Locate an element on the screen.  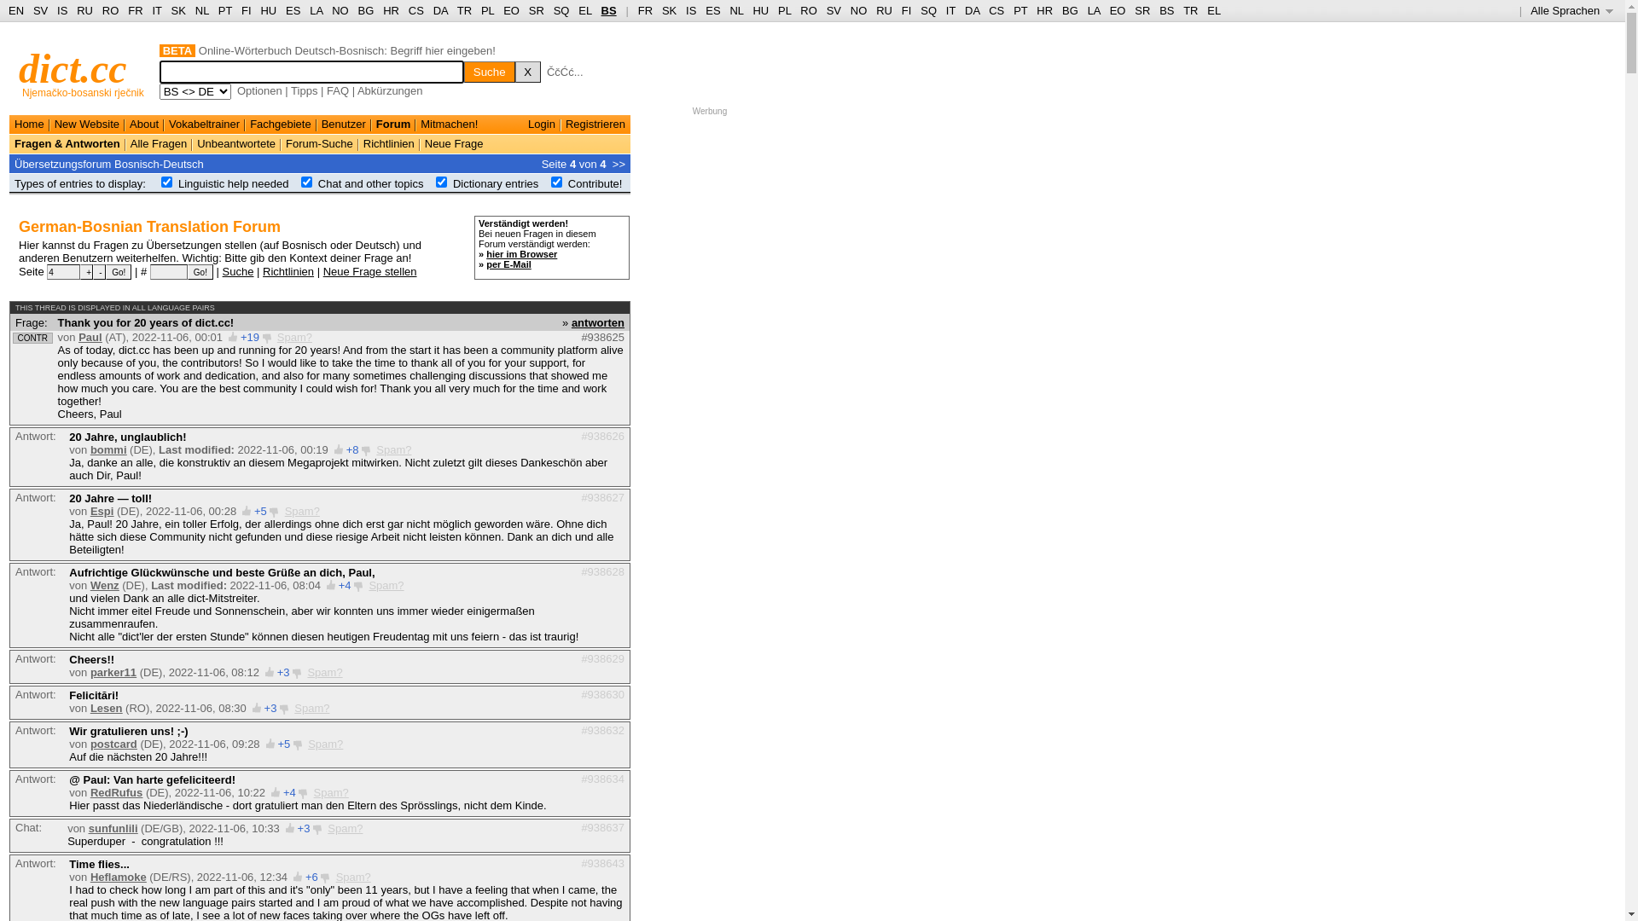
'IS' is located at coordinates (686, 10).